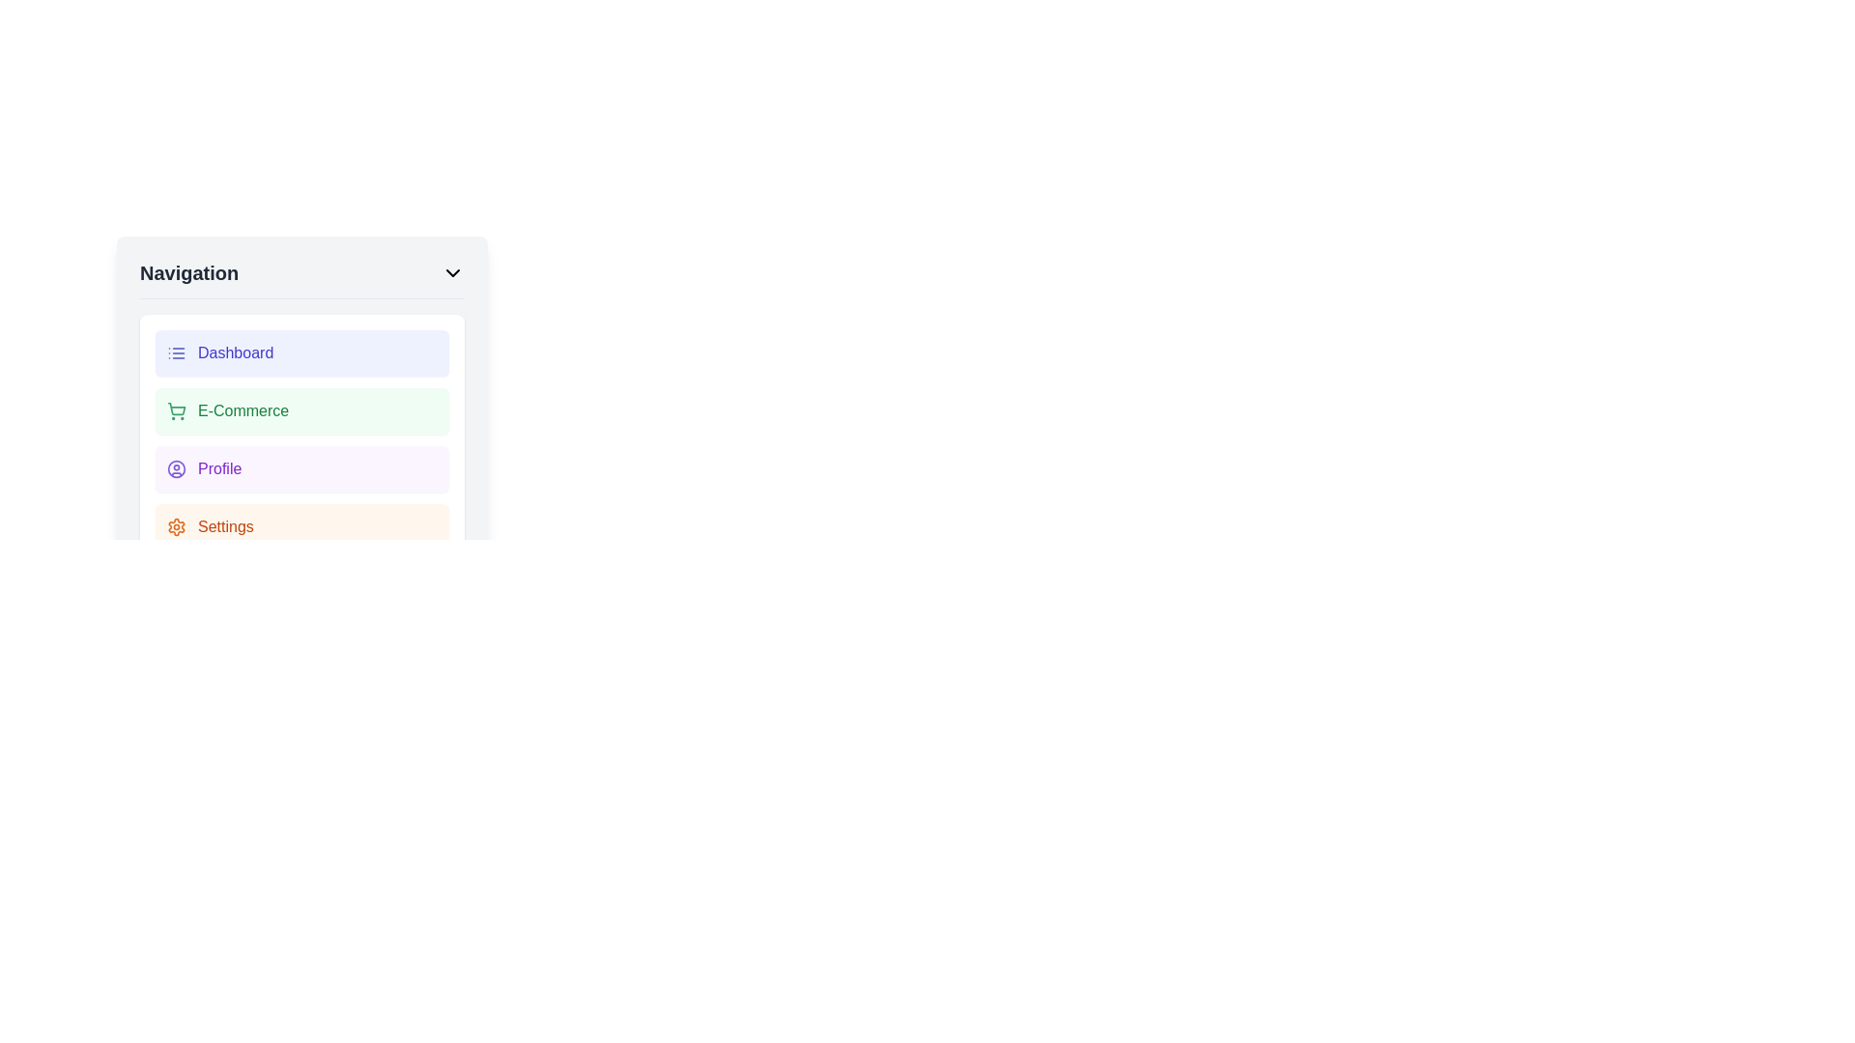 This screenshot has width=1855, height=1043. I want to click on the 'Settings' text label in the navigation menu, so click(225, 527).